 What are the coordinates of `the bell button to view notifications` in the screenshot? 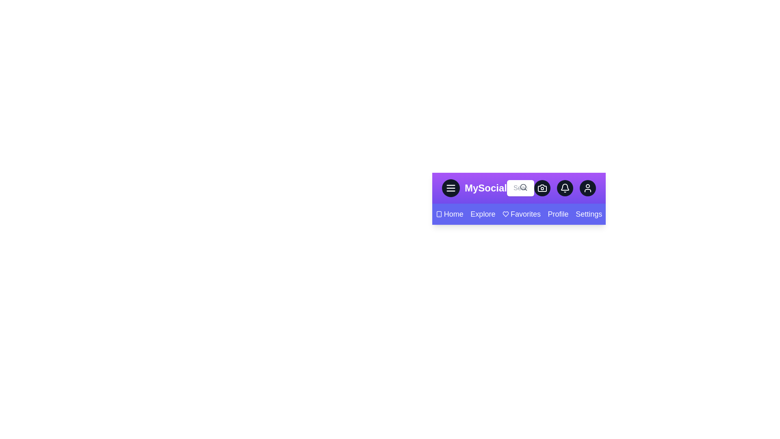 It's located at (565, 188).